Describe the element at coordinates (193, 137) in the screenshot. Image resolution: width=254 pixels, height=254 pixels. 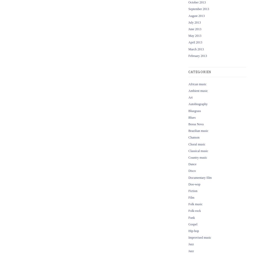
I see `'Chanson'` at that location.